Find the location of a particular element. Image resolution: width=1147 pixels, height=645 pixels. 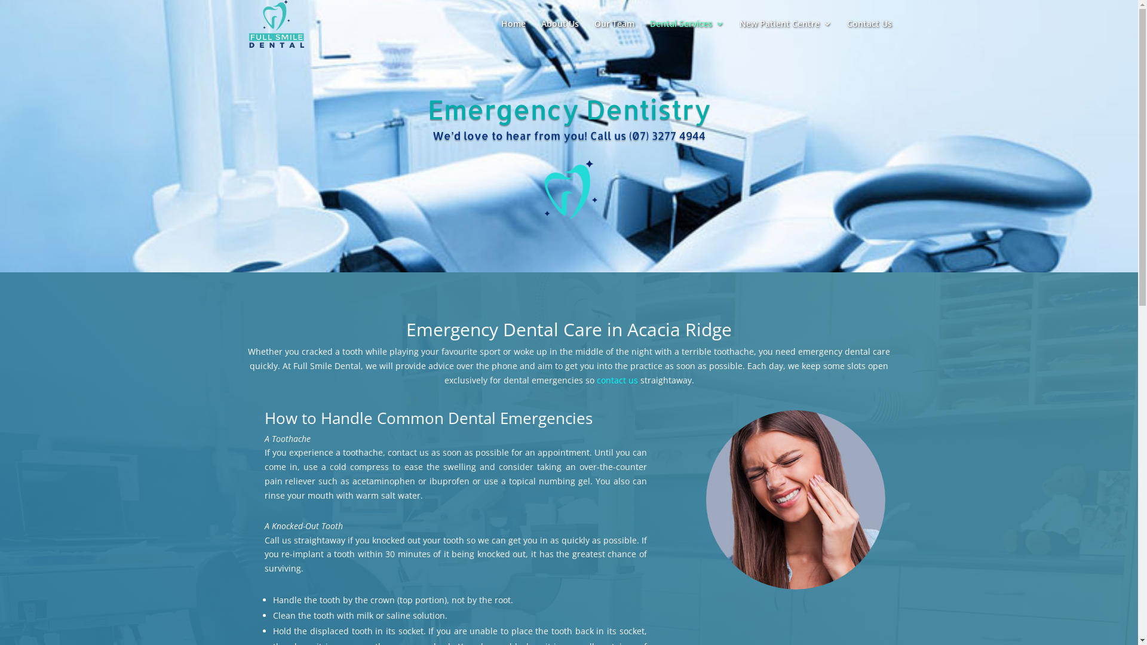

'New Patient Centre' is located at coordinates (739, 33).